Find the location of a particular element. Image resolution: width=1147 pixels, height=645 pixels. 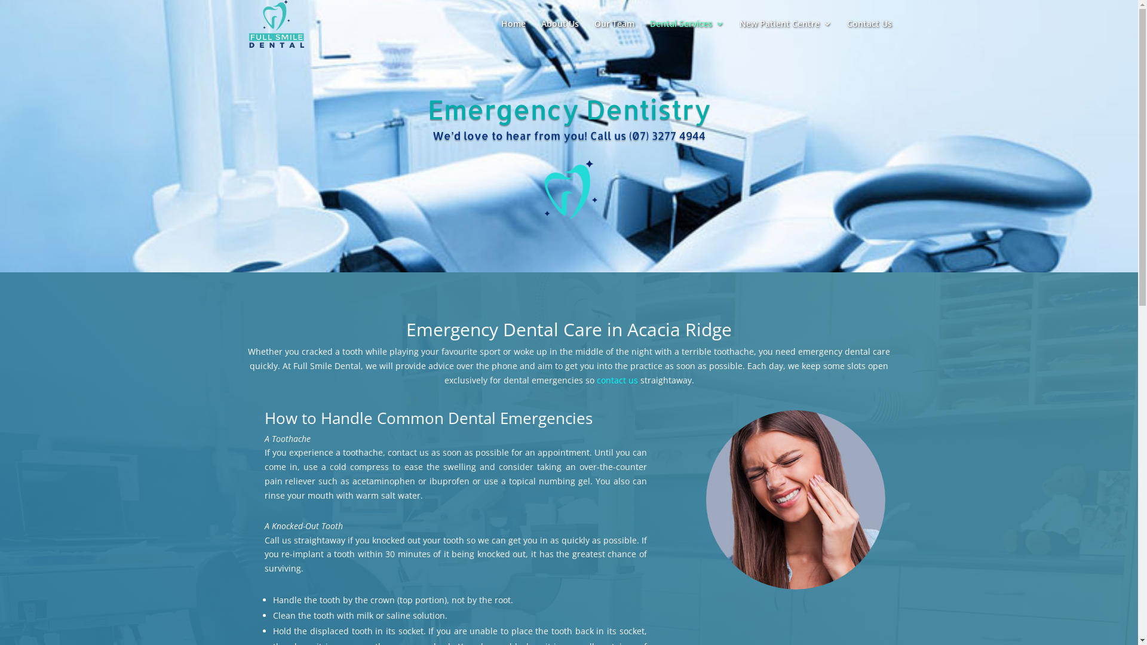

'New Patient Centre' is located at coordinates (739, 33).